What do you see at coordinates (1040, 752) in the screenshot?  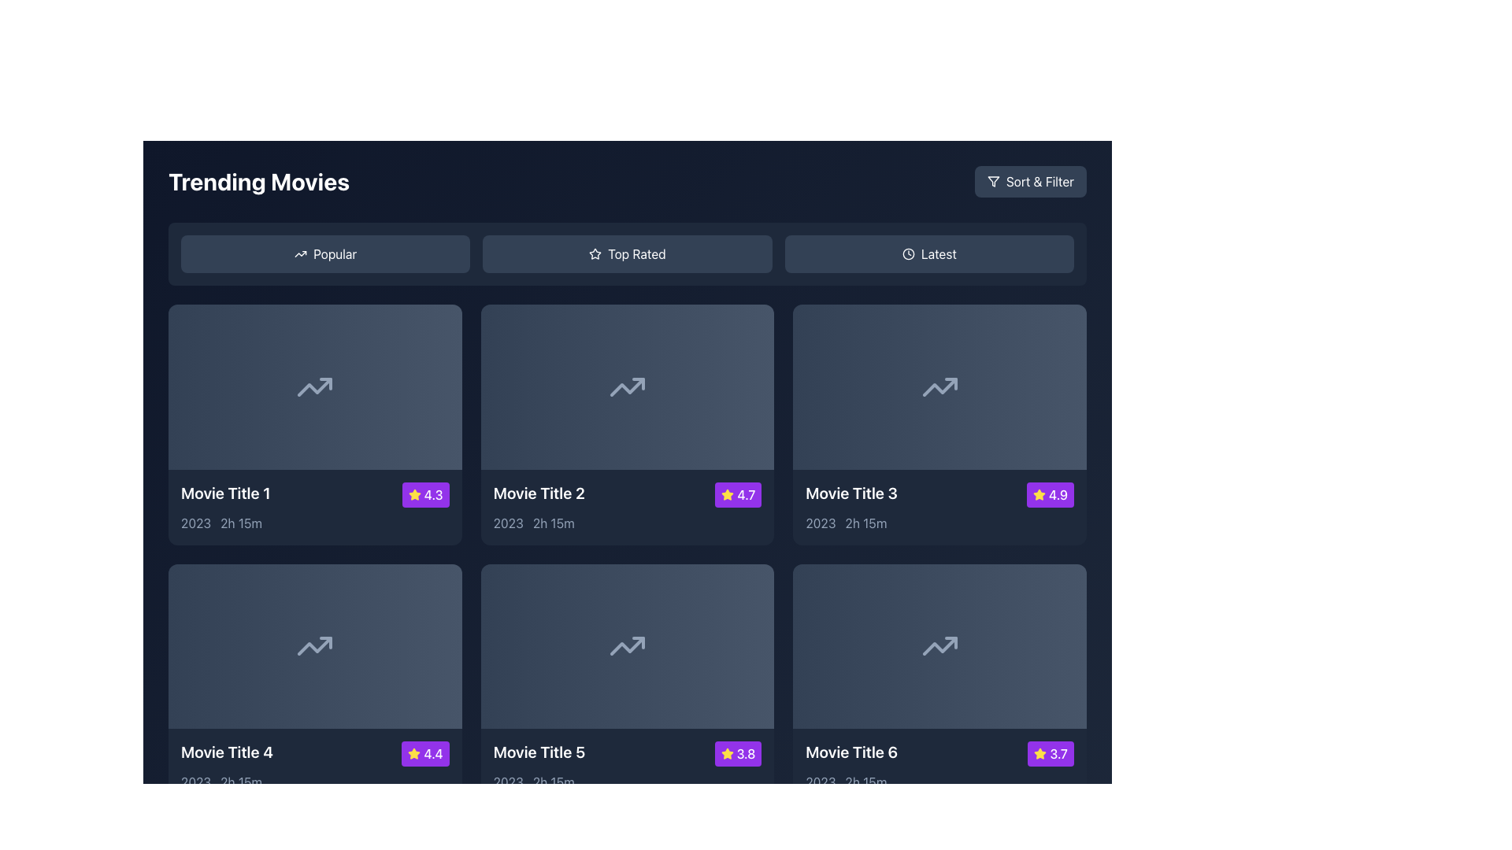 I see `the star icon` at bounding box center [1040, 752].